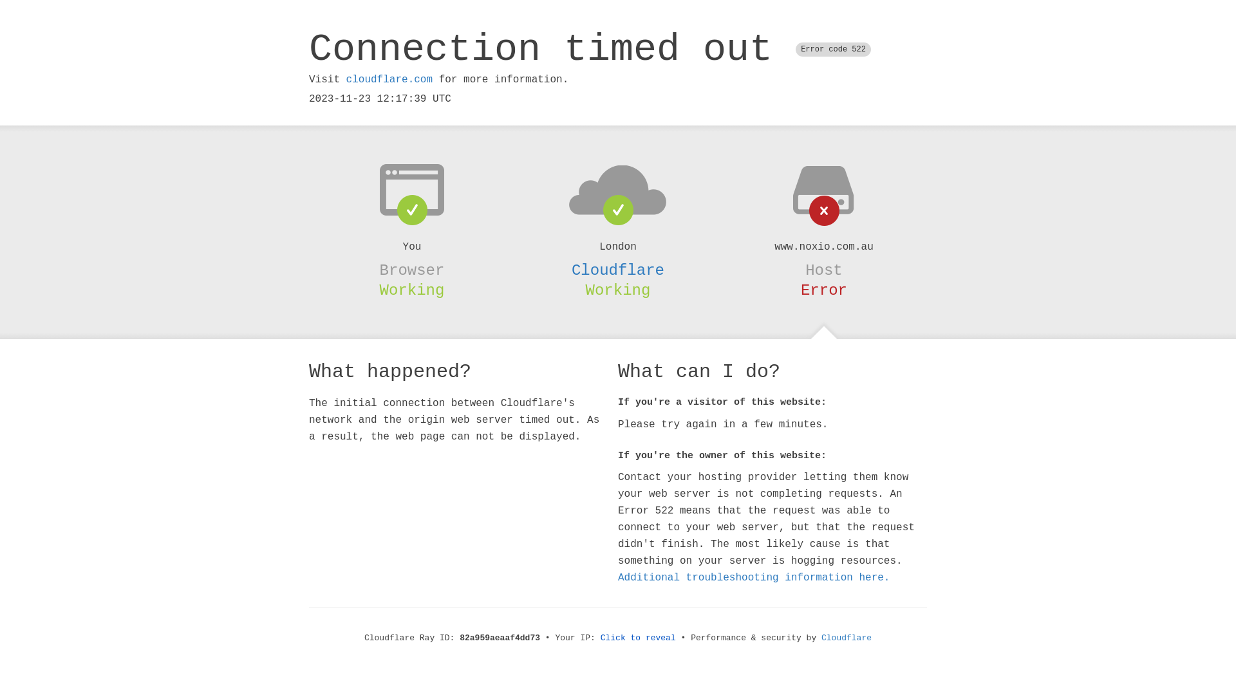  I want to click on 'cloudflare.com', so click(388, 79).